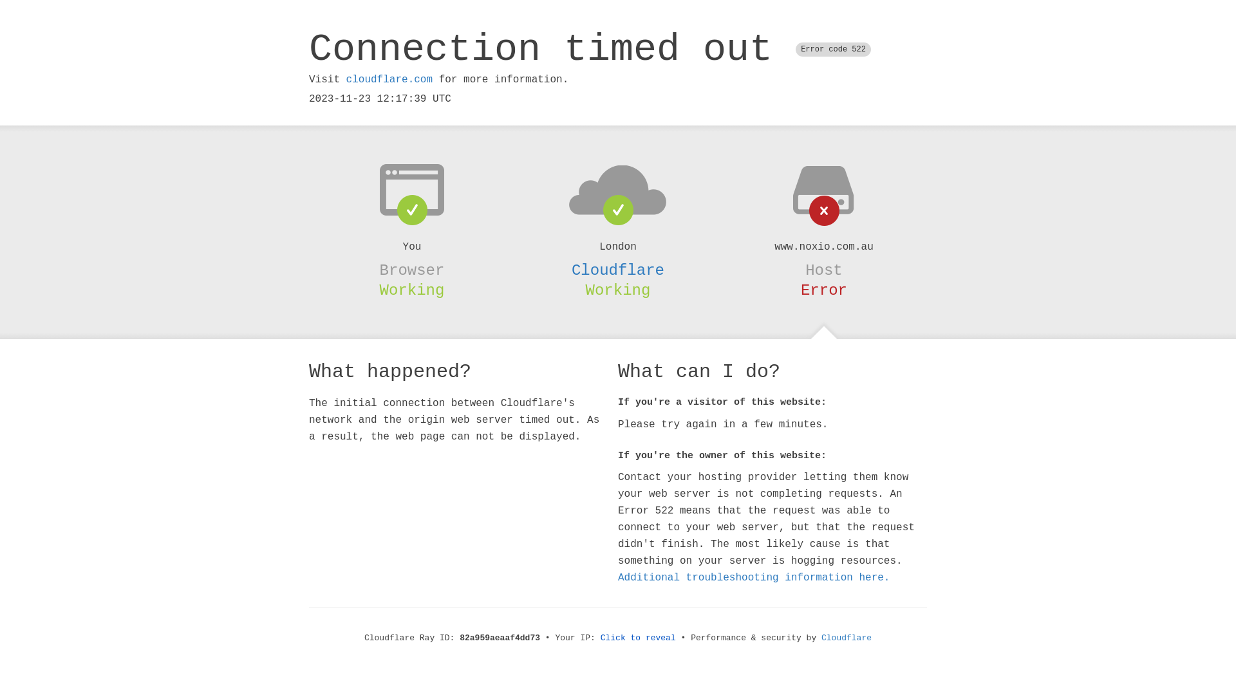  I want to click on 'cloudflare.com', so click(388, 79).